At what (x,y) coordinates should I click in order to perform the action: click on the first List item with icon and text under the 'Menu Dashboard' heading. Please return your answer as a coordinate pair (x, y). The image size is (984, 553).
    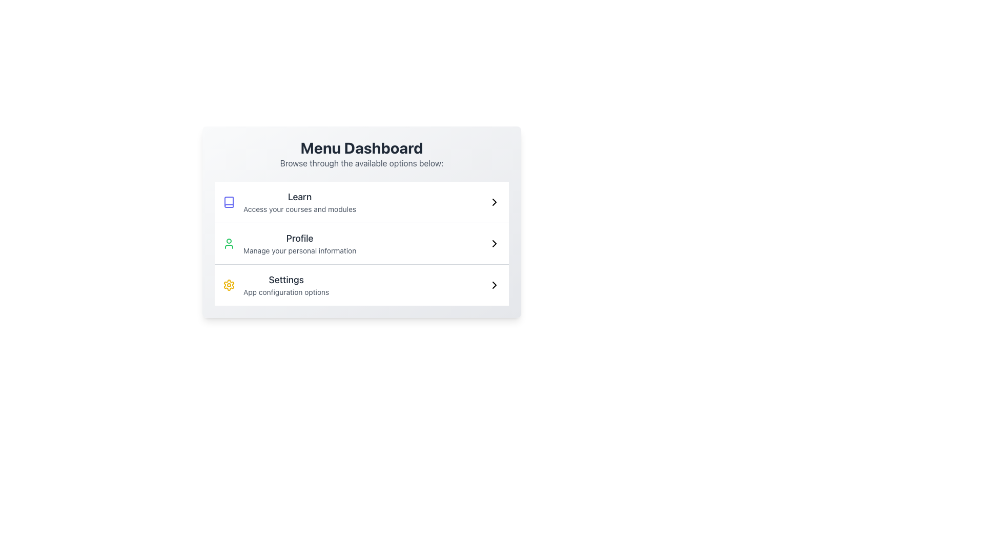
    Looking at the image, I should click on (289, 202).